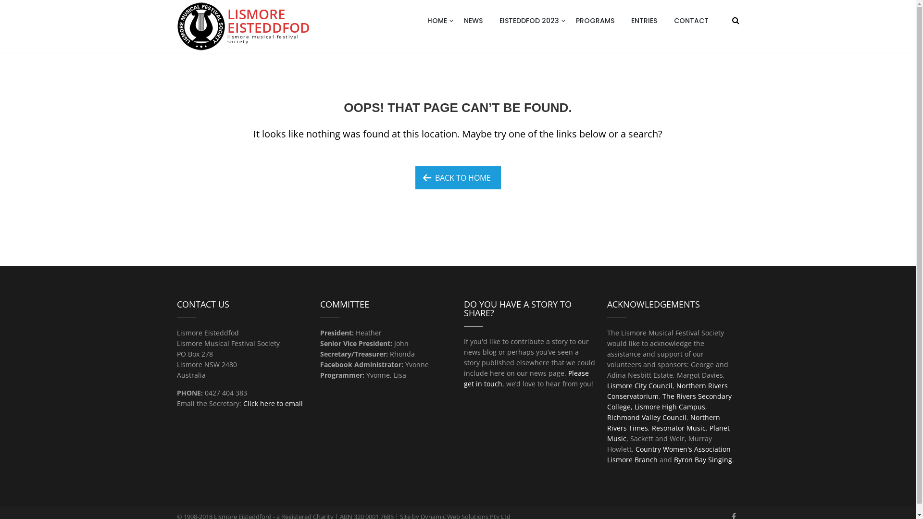  Describe the element at coordinates (669, 401) in the screenshot. I see `'The Rivers Secondary College, Lismore High Campus'` at that location.